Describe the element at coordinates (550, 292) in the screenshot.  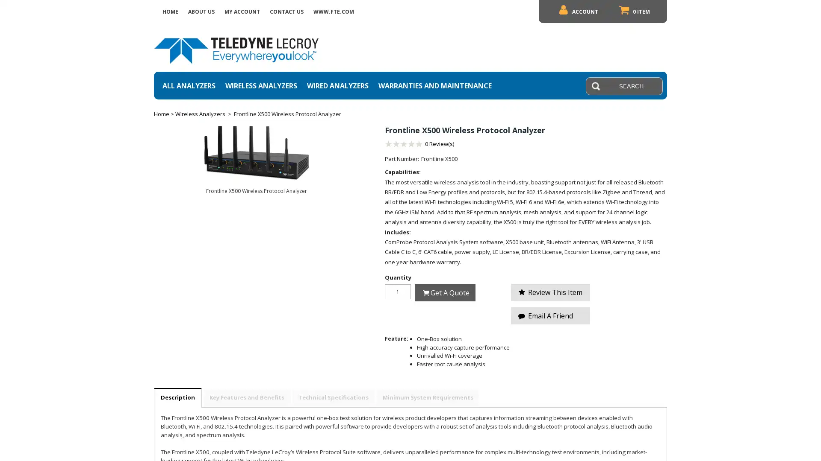
I see `Review This Item` at that location.